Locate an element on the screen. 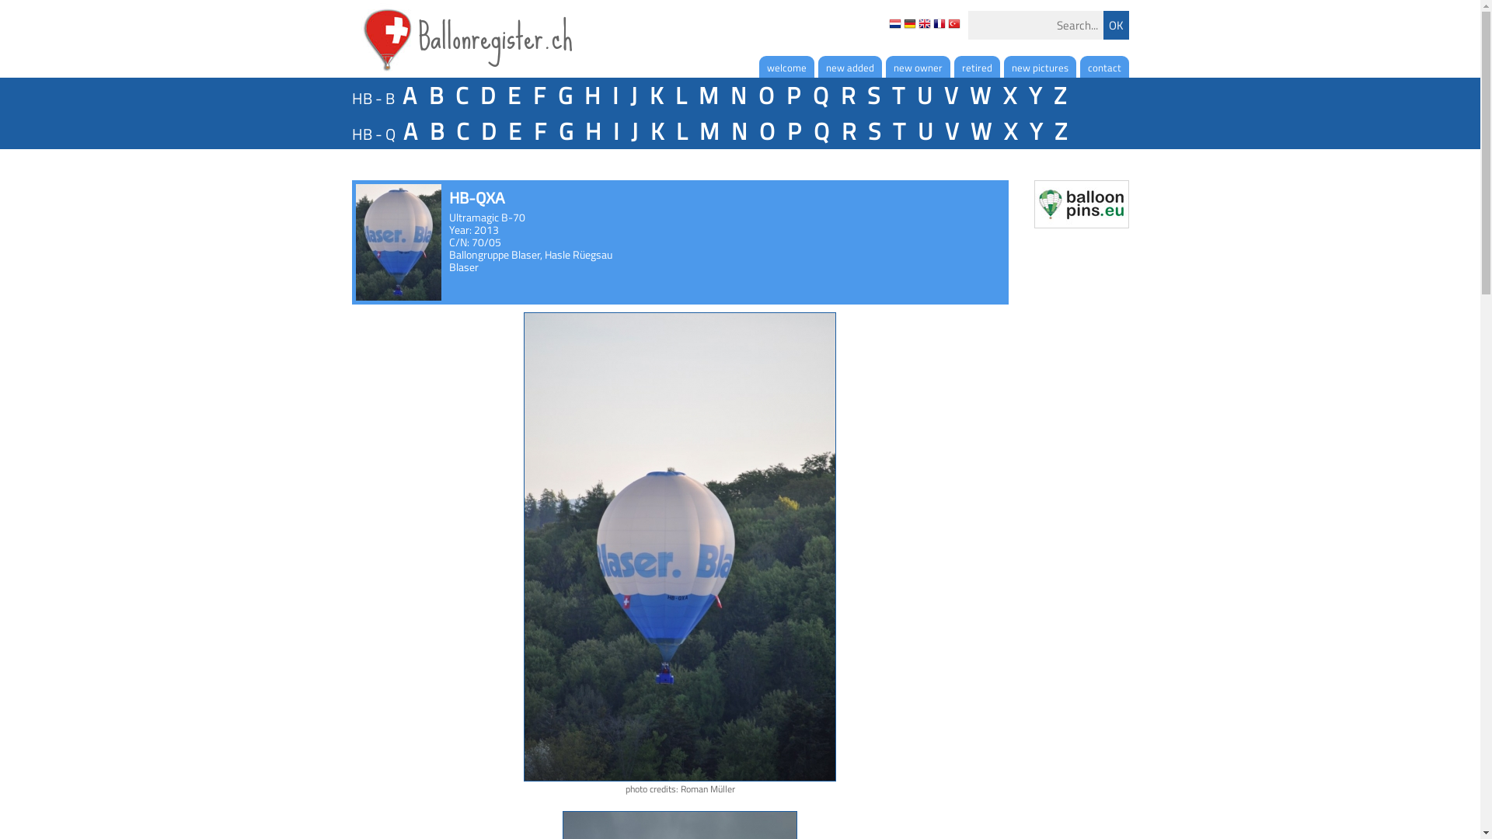 The image size is (1492, 839). 'N' is located at coordinates (737, 131).